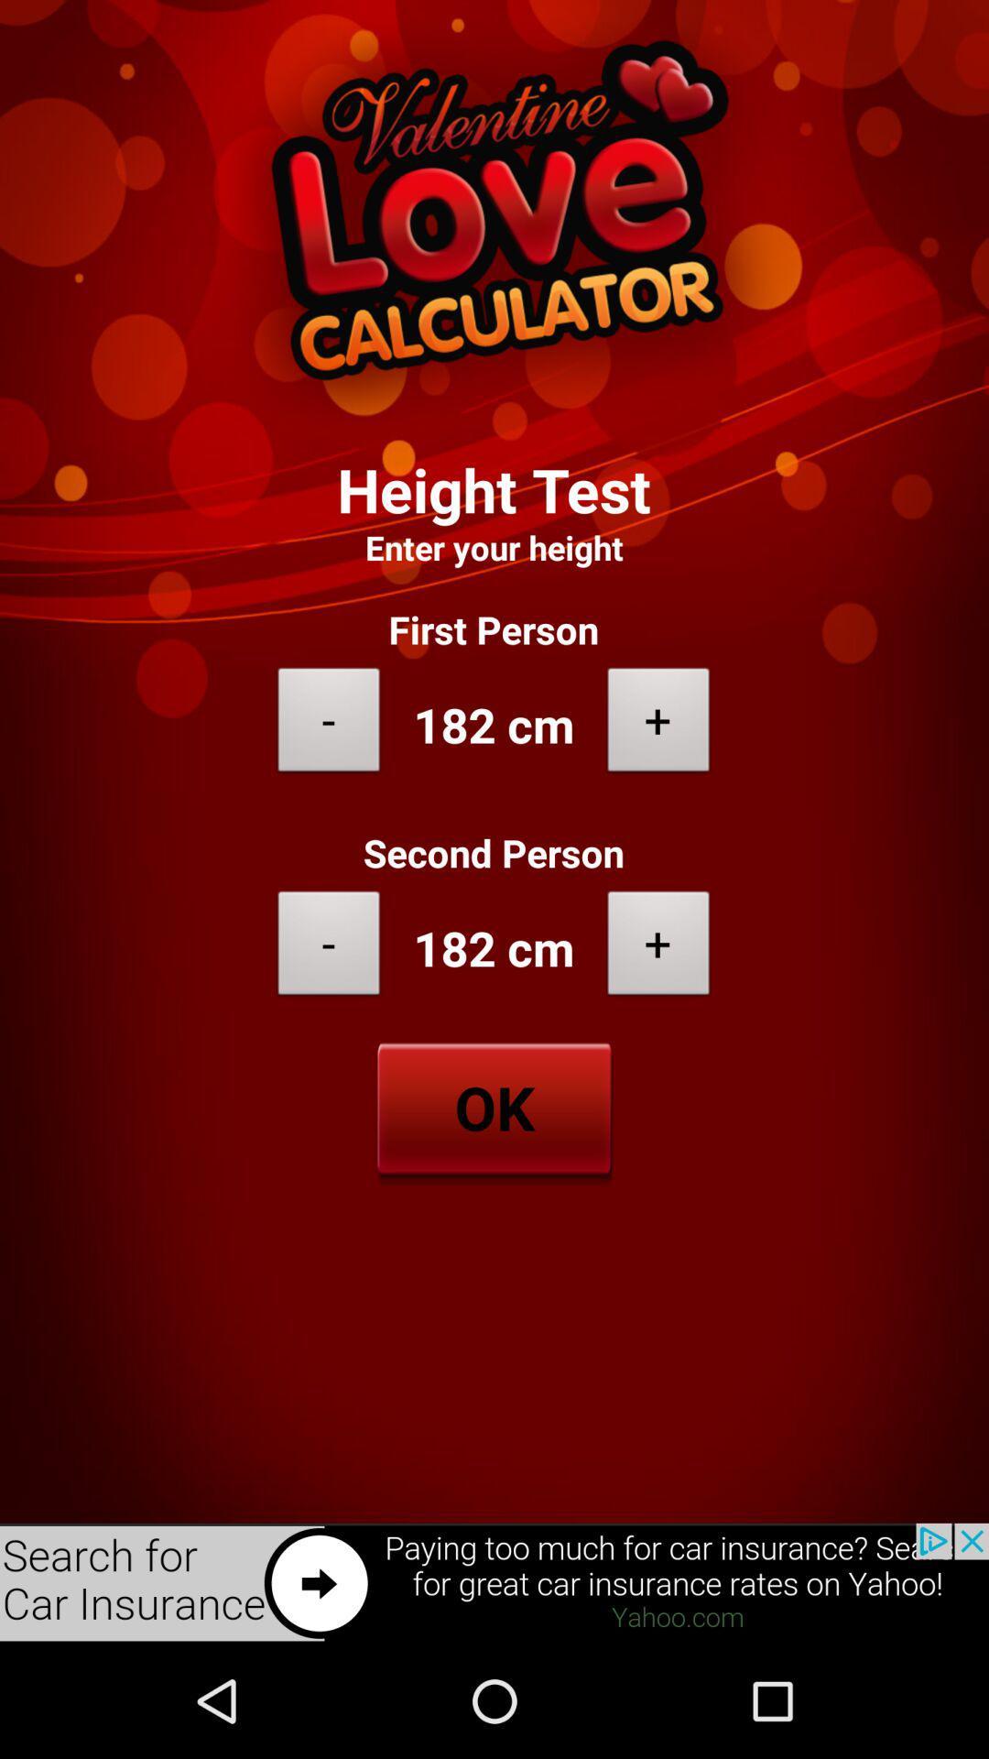 Image resolution: width=989 pixels, height=1759 pixels. What do you see at coordinates (494, 1582) in the screenshot?
I see `advertiser banner` at bounding box center [494, 1582].